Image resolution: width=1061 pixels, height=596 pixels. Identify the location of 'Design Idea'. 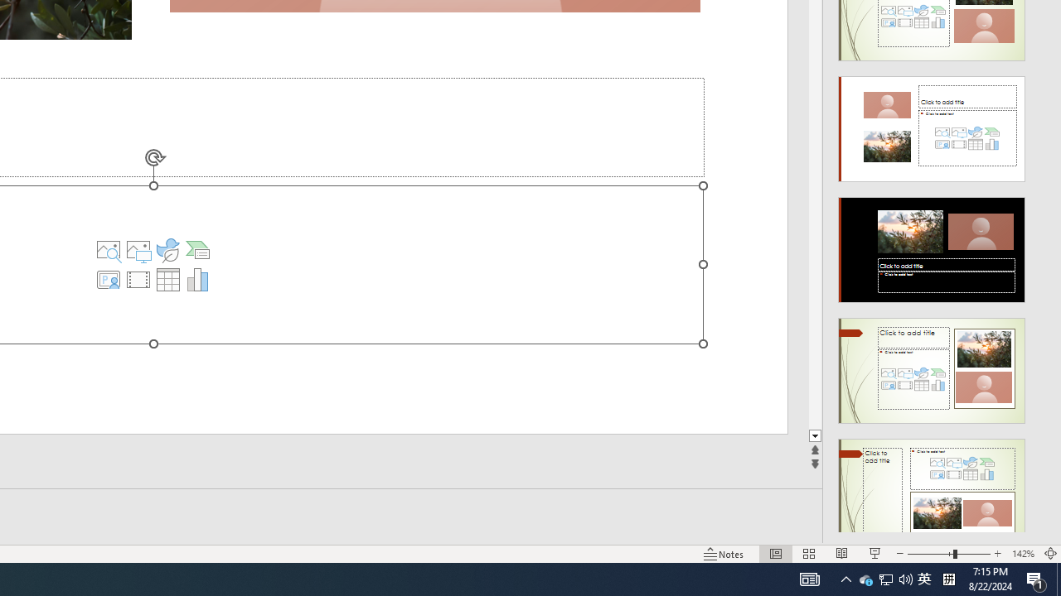
(932, 485).